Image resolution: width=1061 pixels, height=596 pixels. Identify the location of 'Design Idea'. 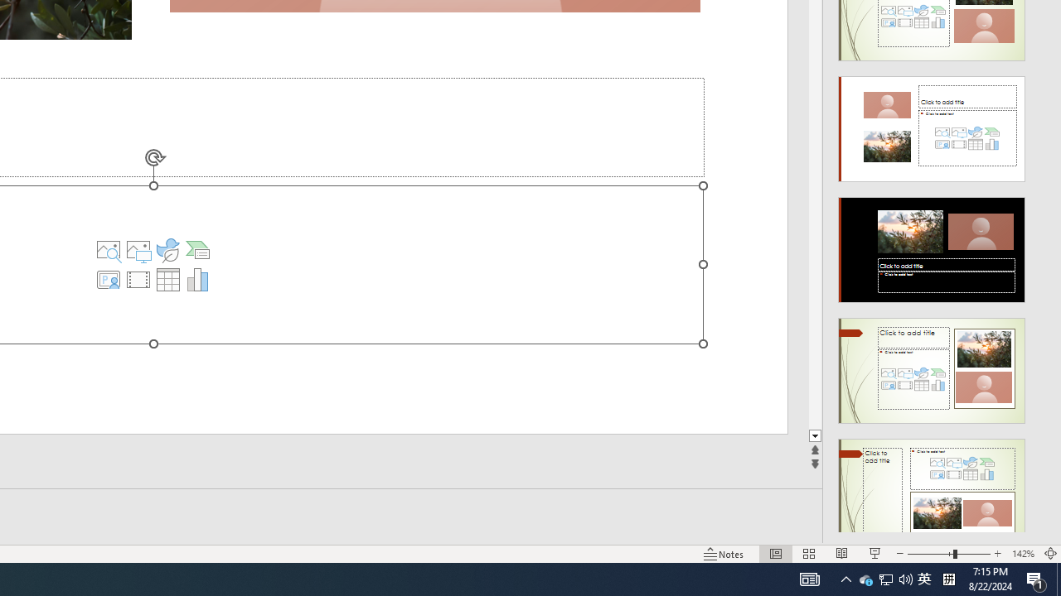
(932, 485).